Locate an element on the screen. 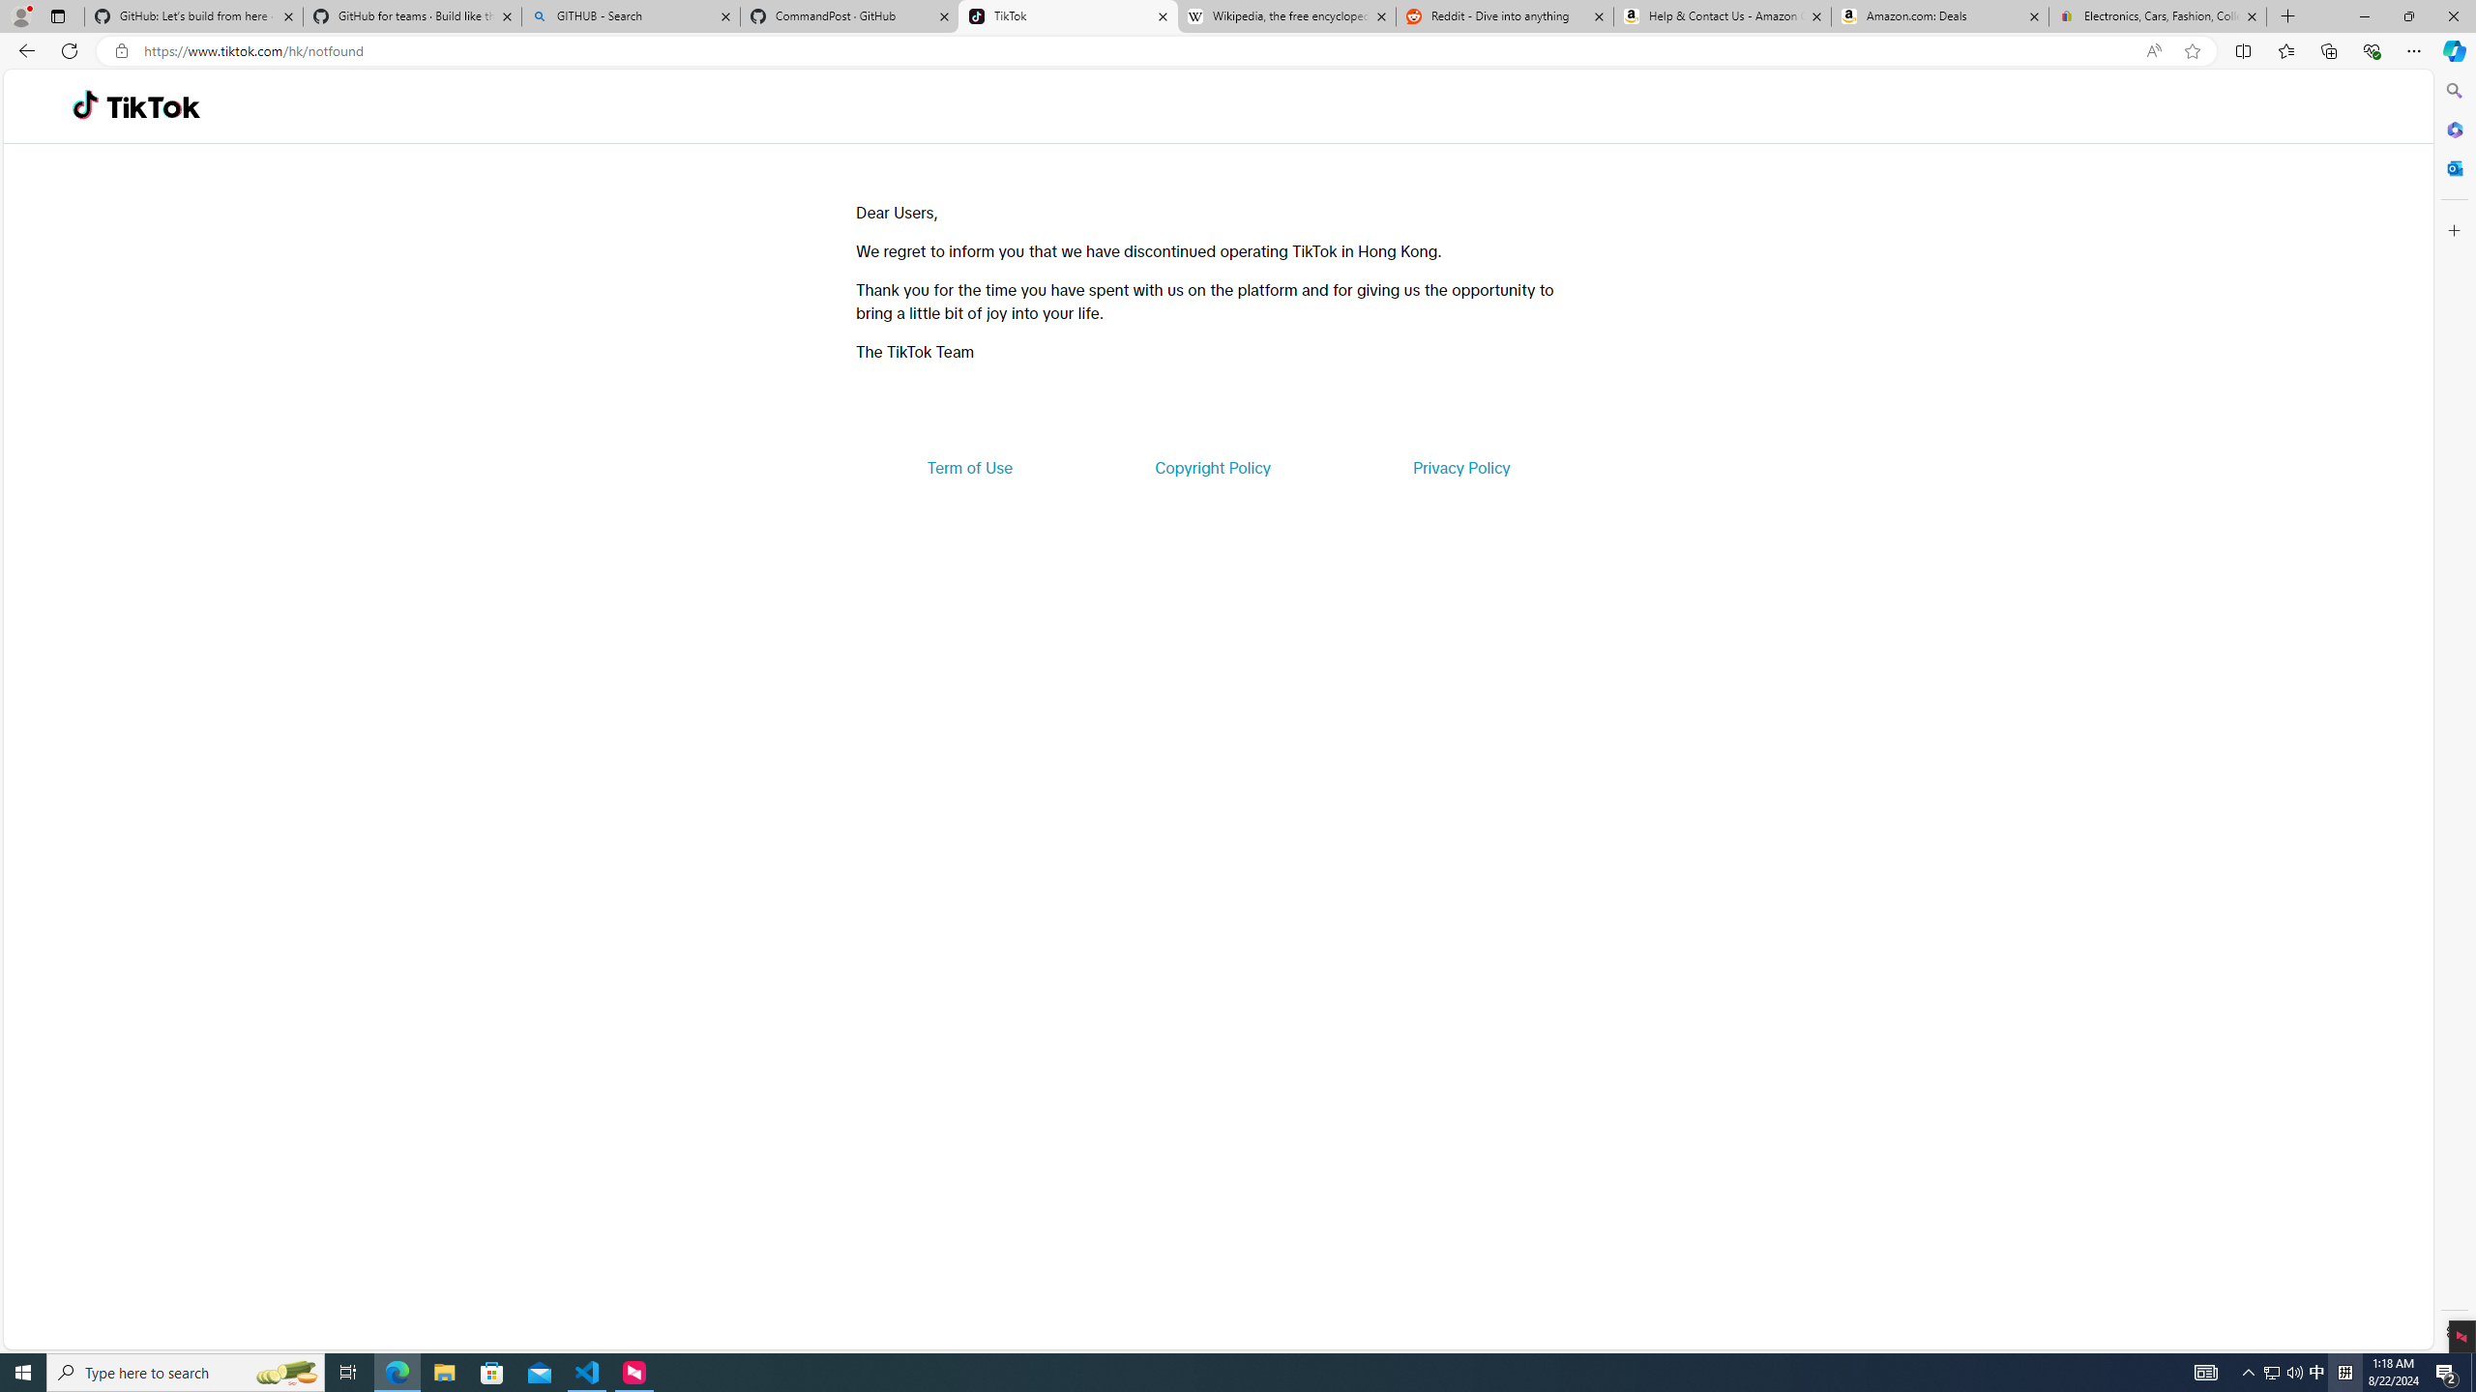 Image resolution: width=2476 pixels, height=1392 pixels. 'Term of Use' is located at coordinates (969, 466).